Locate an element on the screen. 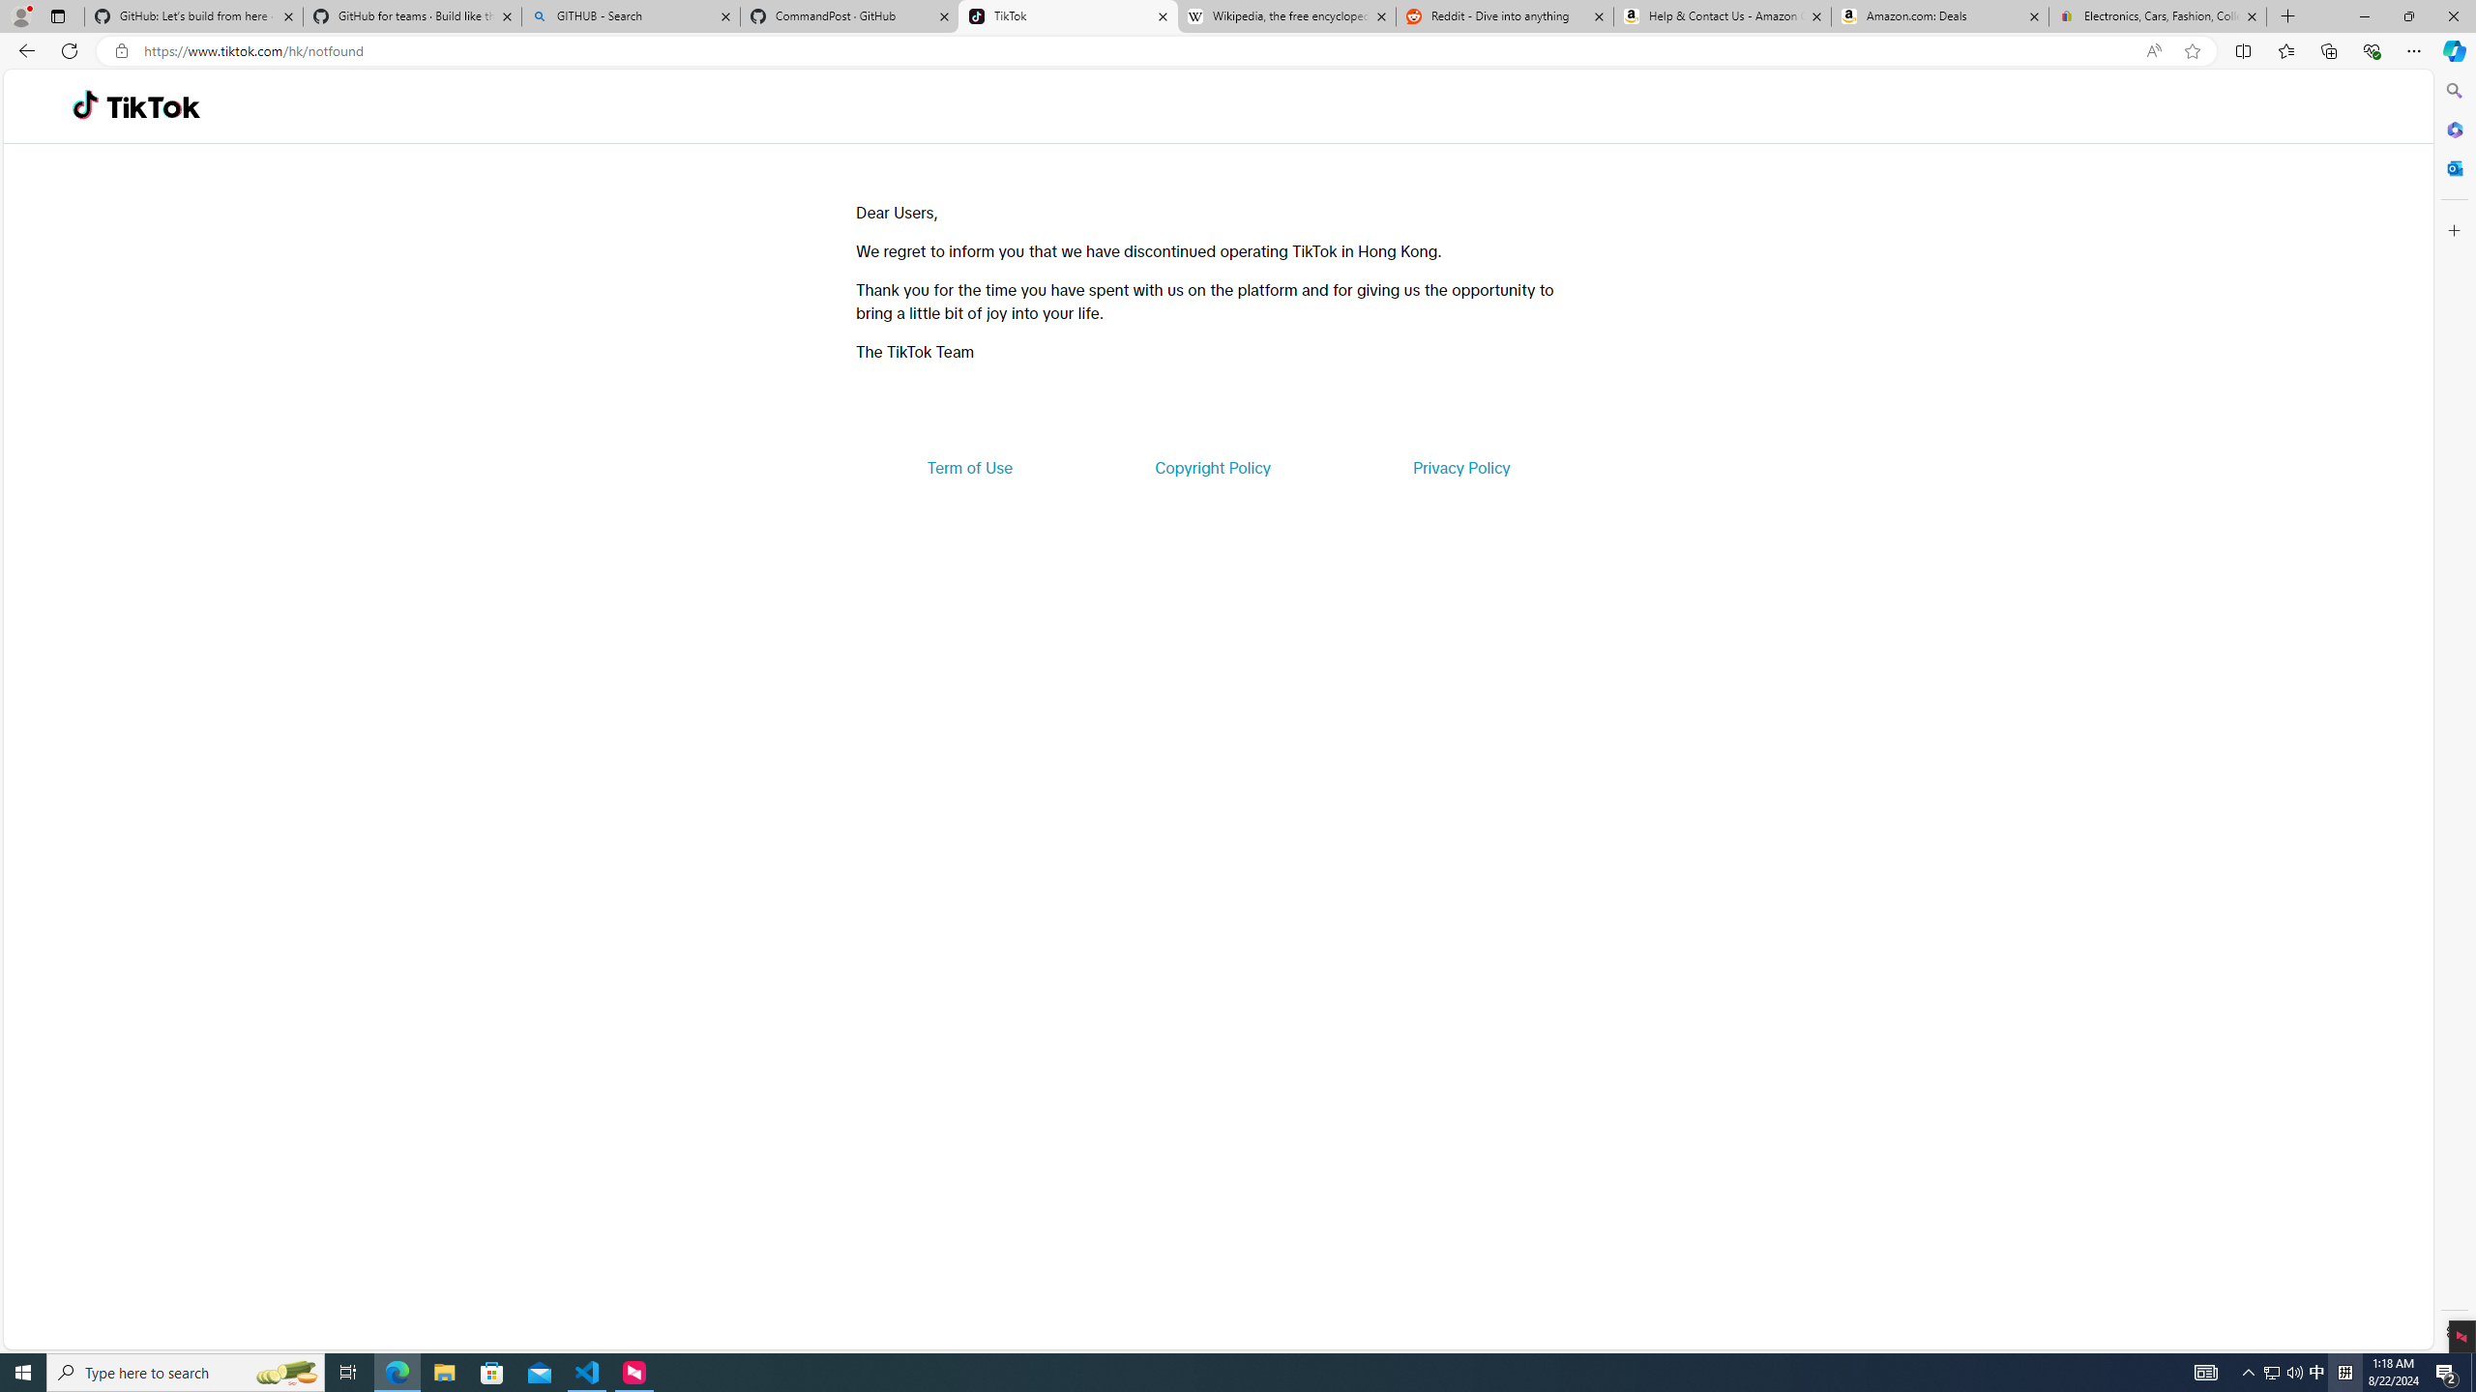 Image resolution: width=2476 pixels, height=1392 pixels. 'Term of Use' is located at coordinates (969, 466).